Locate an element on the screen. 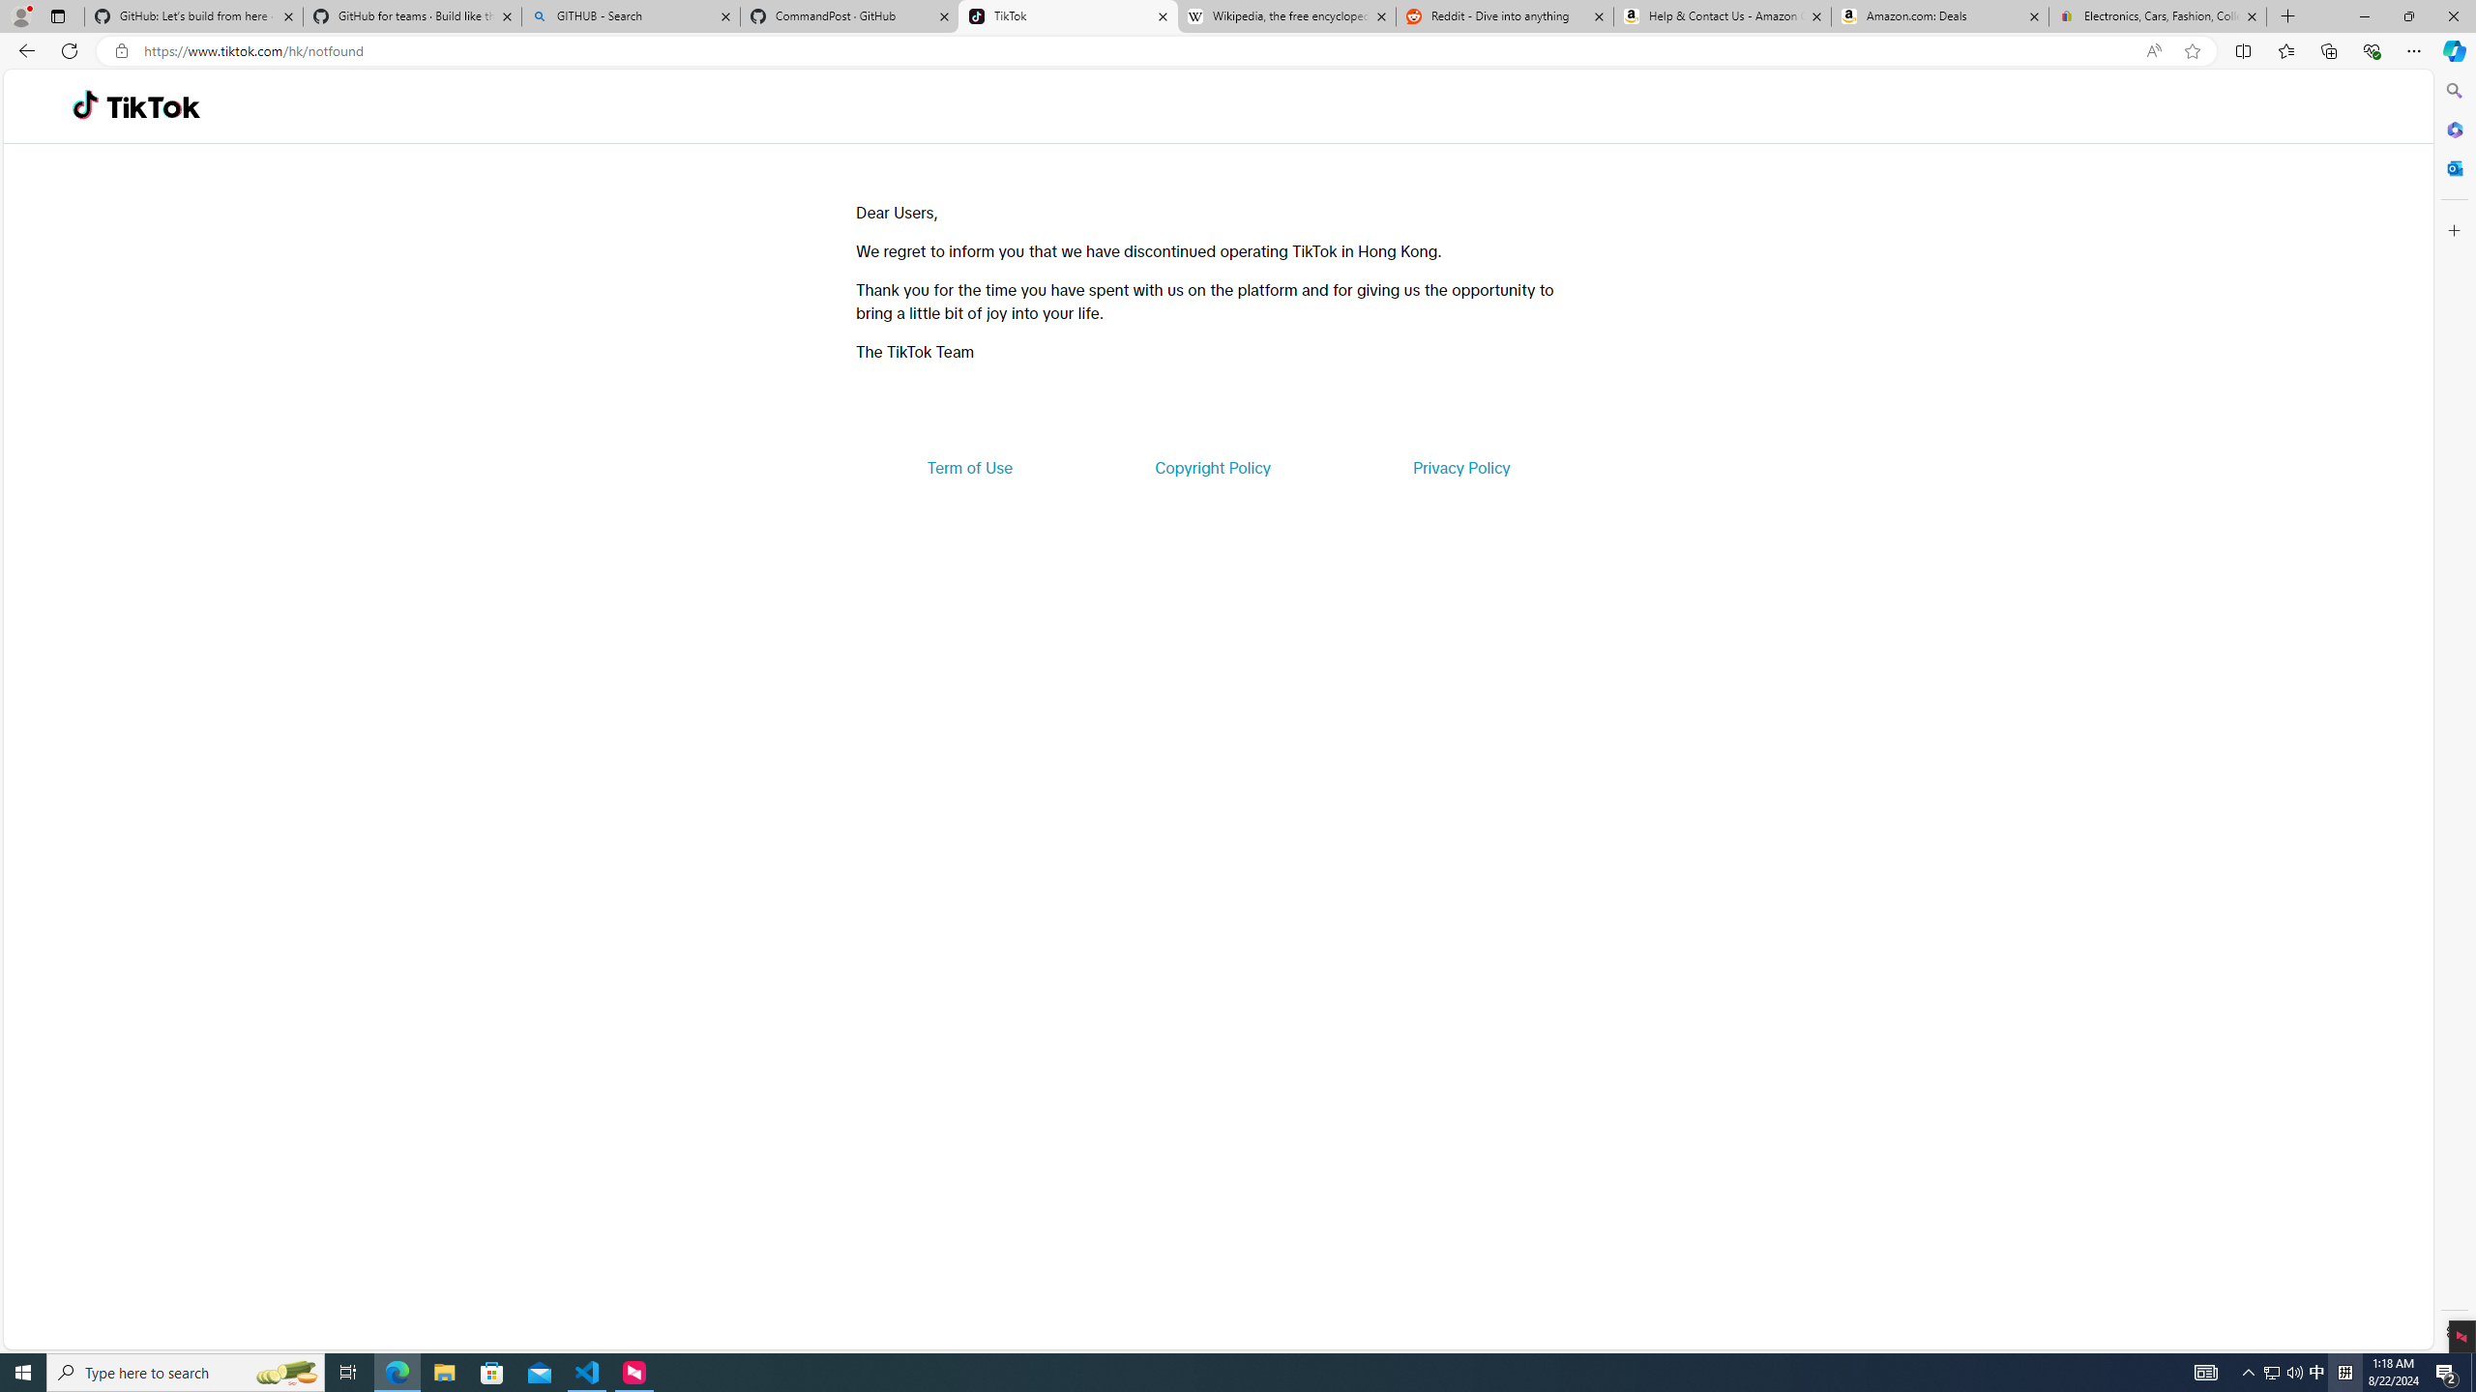 Image resolution: width=2476 pixels, height=1392 pixels. 'Term of Use' is located at coordinates (969, 466).